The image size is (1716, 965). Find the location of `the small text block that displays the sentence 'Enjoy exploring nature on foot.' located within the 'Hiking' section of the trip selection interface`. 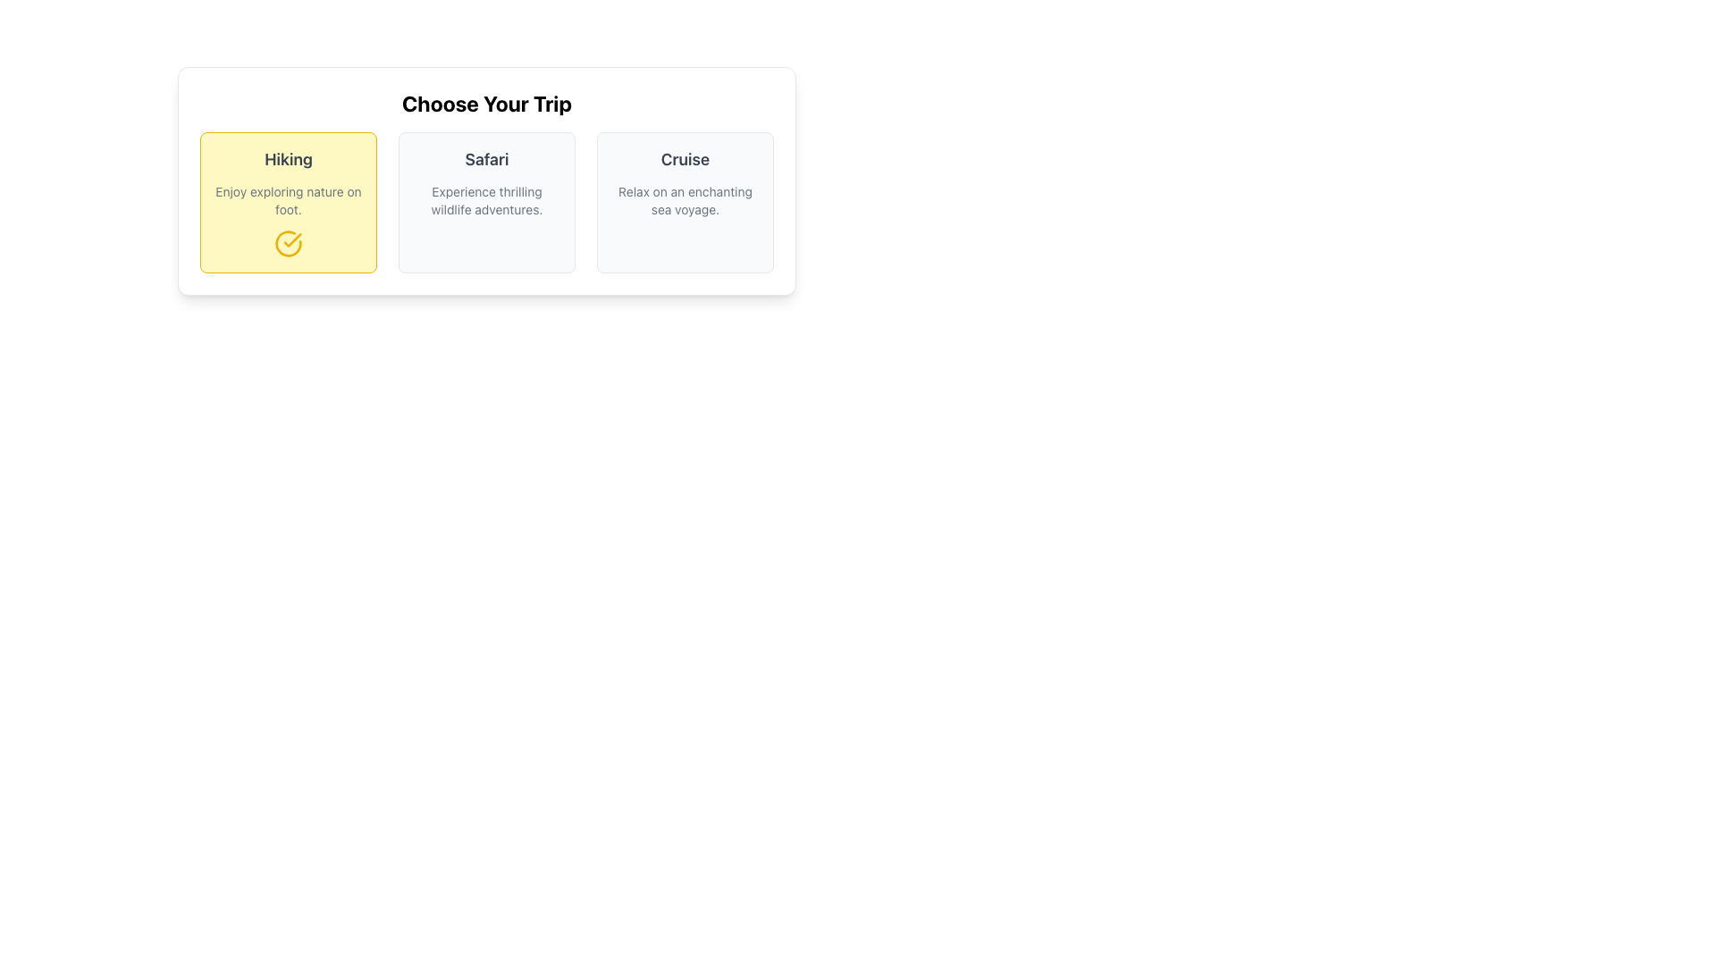

the small text block that displays the sentence 'Enjoy exploring nature on foot.' located within the 'Hiking' section of the trip selection interface is located at coordinates (288, 200).